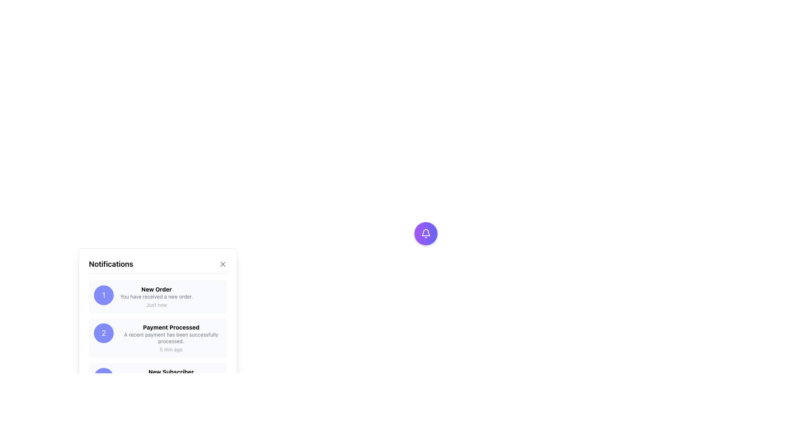  What do you see at coordinates (170, 372) in the screenshot?
I see `the 'New Subscriber' text label in the notification card` at bounding box center [170, 372].